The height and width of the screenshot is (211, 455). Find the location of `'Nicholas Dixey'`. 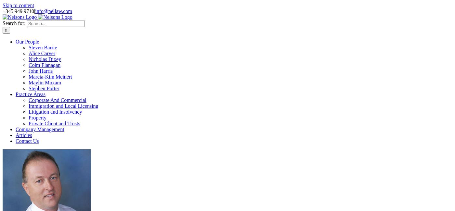

'Nicholas Dixey' is located at coordinates (45, 59).